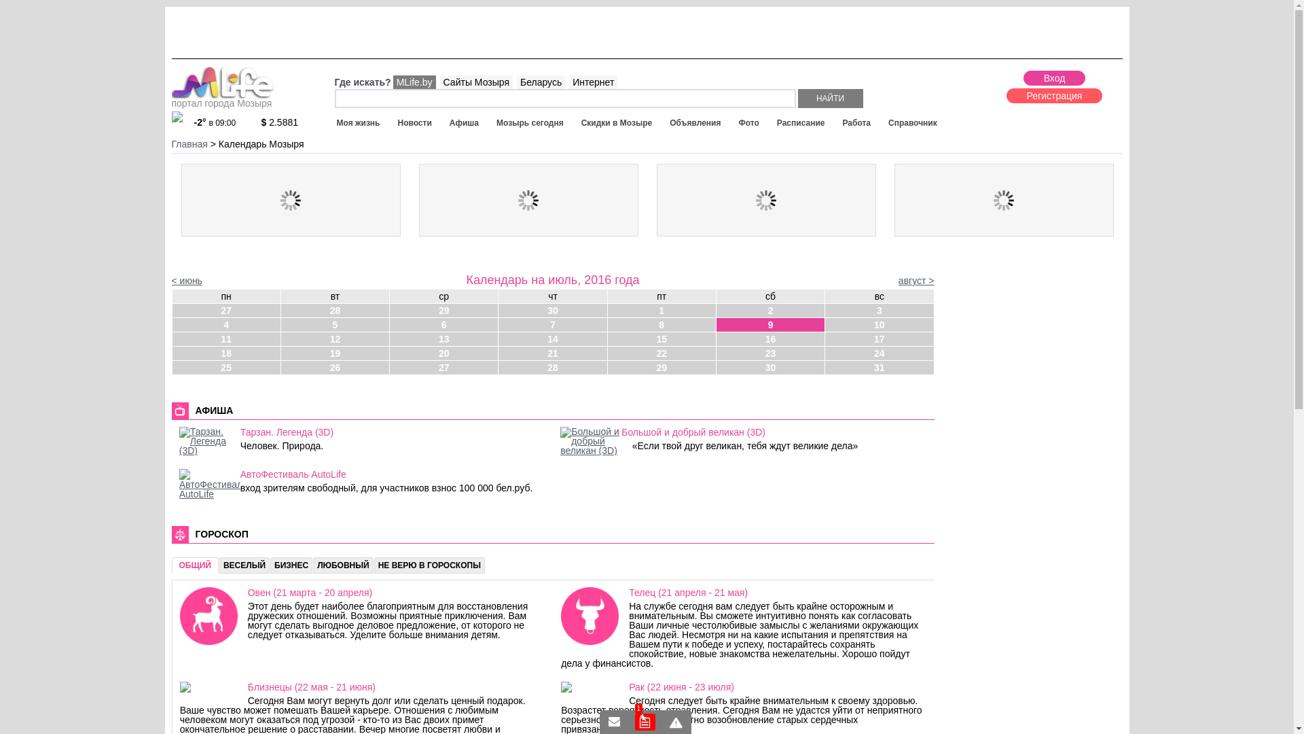 This screenshot has height=734, width=1304. Describe the element at coordinates (770, 325) in the screenshot. I see `'9'` at that location.